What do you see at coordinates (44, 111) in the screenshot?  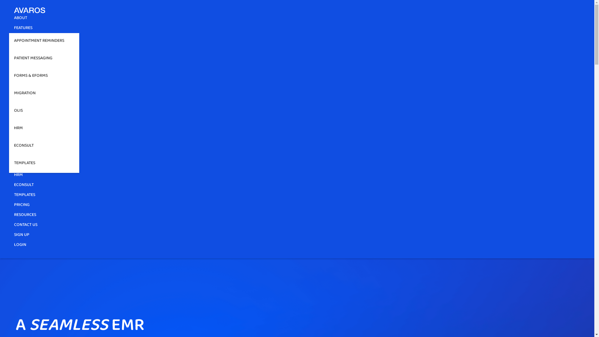 I see `'OLIS'` at bounding box center [44, 111].